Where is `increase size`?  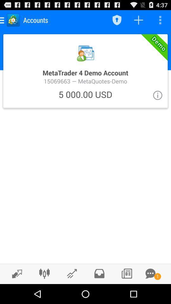
increase size is located at coordinates (15, 273).